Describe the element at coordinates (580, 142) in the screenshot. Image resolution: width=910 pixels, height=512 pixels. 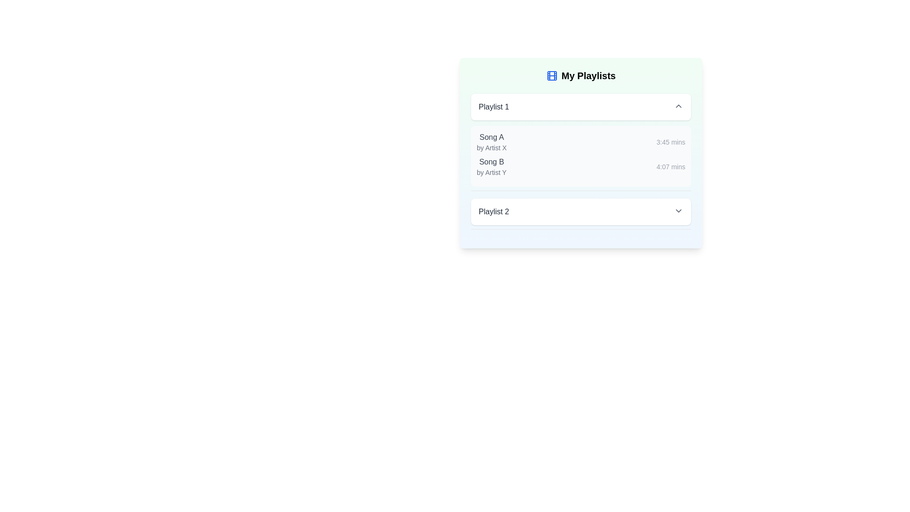
I see `the first playlist section titled 'Playlist 1' to interact with individual songs listed within it` at that location.